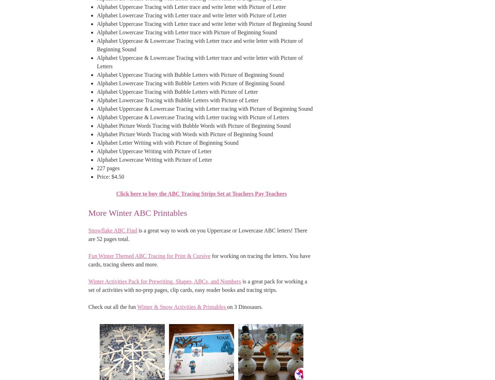 The height and width of the screenshot is (380, 495). Describe the element at coordinates (185, 134) in the screenshot. I see `'Alphabet Picture Words Tracing with Words with Picture of Beginning Sound'` at that location.